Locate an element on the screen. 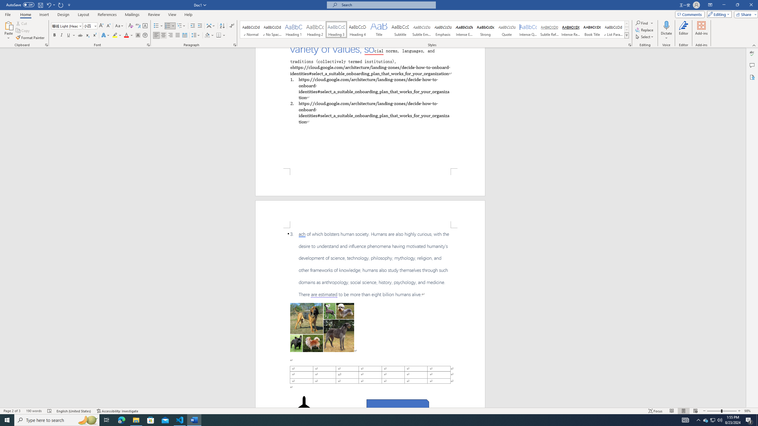  'Font Color Blue-Gray, Text 2' is located at coordinates (126, 35).